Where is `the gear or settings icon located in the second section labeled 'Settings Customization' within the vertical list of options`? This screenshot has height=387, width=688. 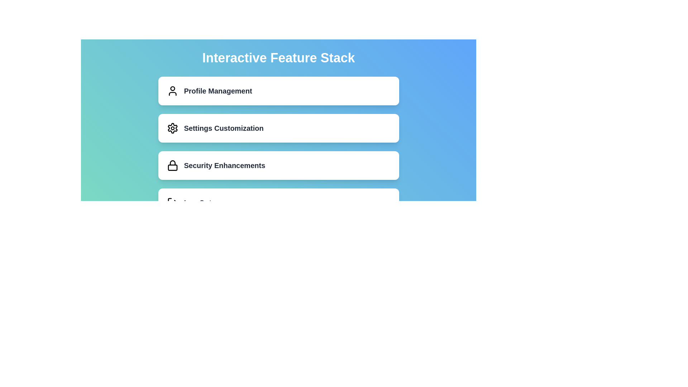
the gear or settings icon located in the second section labeled 'Settings Customization' within the vertical list of options is located at coordinates (172, 128).